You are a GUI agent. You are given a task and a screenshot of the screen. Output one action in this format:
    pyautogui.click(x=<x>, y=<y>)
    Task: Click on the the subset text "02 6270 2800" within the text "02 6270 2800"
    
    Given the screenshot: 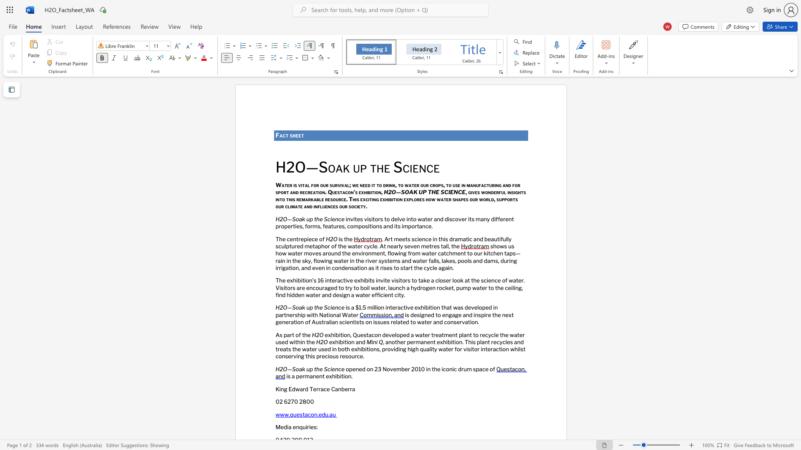 What is the action you would take?
    pyautogui.click(x=275, y=401)
    